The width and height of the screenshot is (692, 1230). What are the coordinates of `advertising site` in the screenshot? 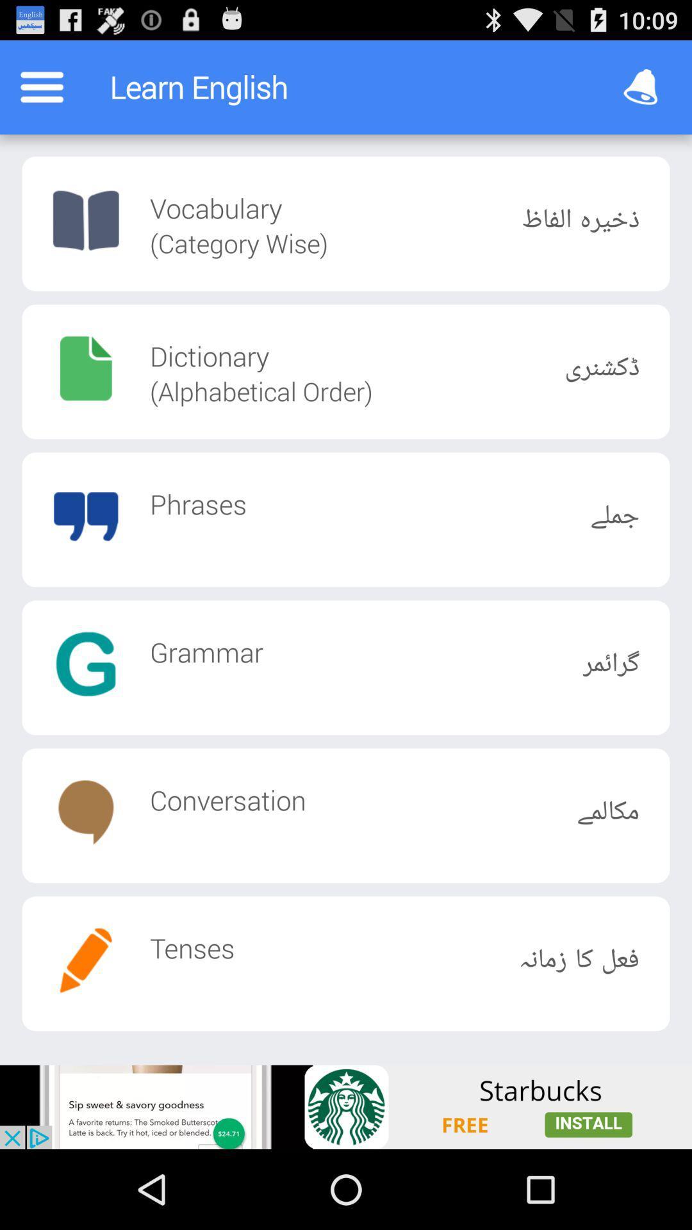 It's located at (346, 1106).